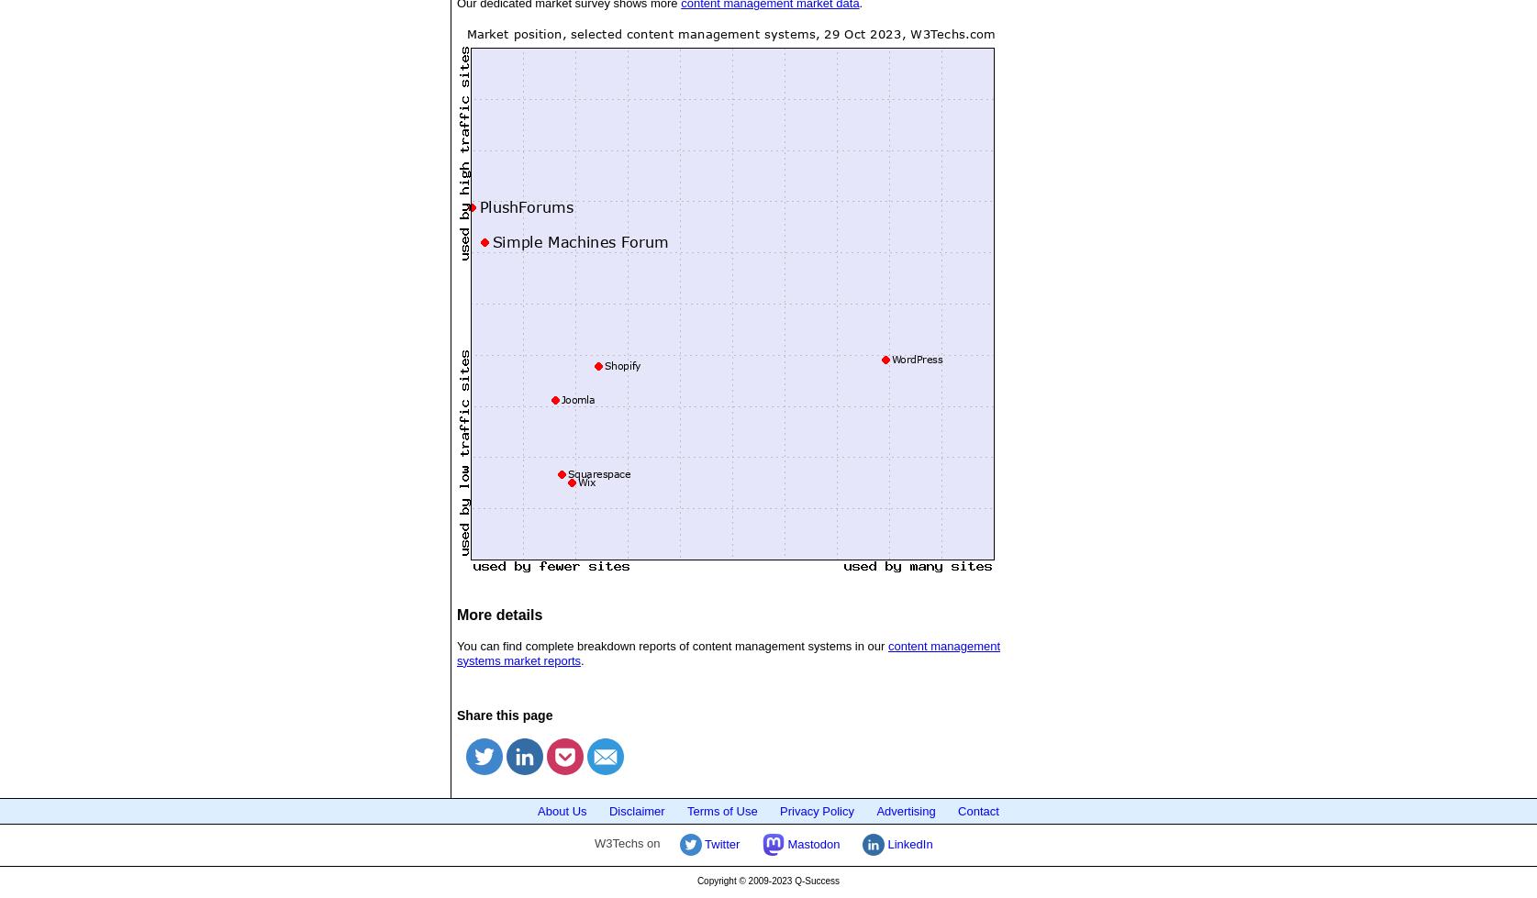 This screenshot has height=898, width=1537. I want to click on 'Share this page', so click(504, 713).